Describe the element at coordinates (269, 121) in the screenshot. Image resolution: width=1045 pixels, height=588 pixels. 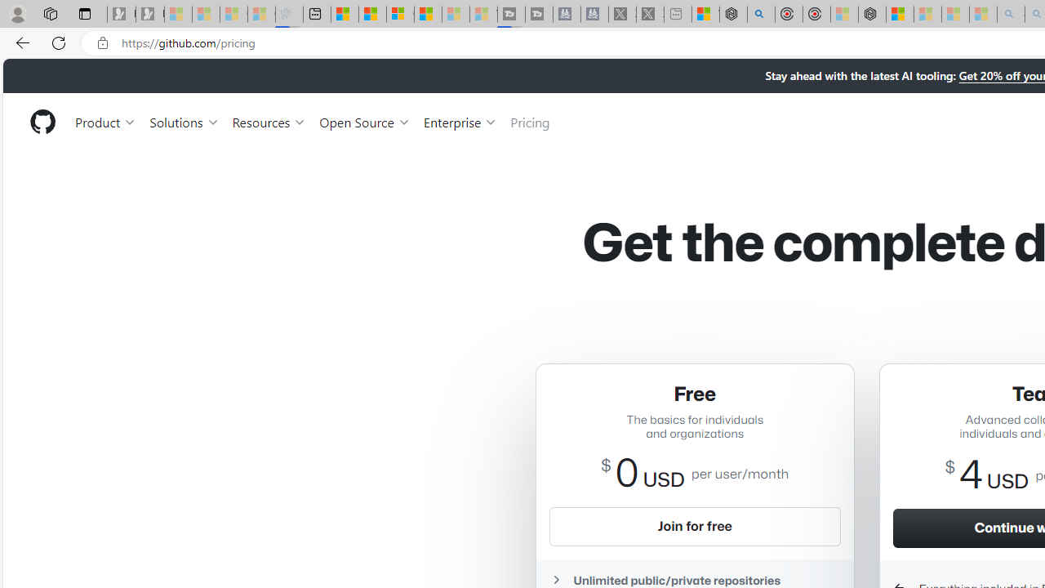
I see `'Resources'` at that location.